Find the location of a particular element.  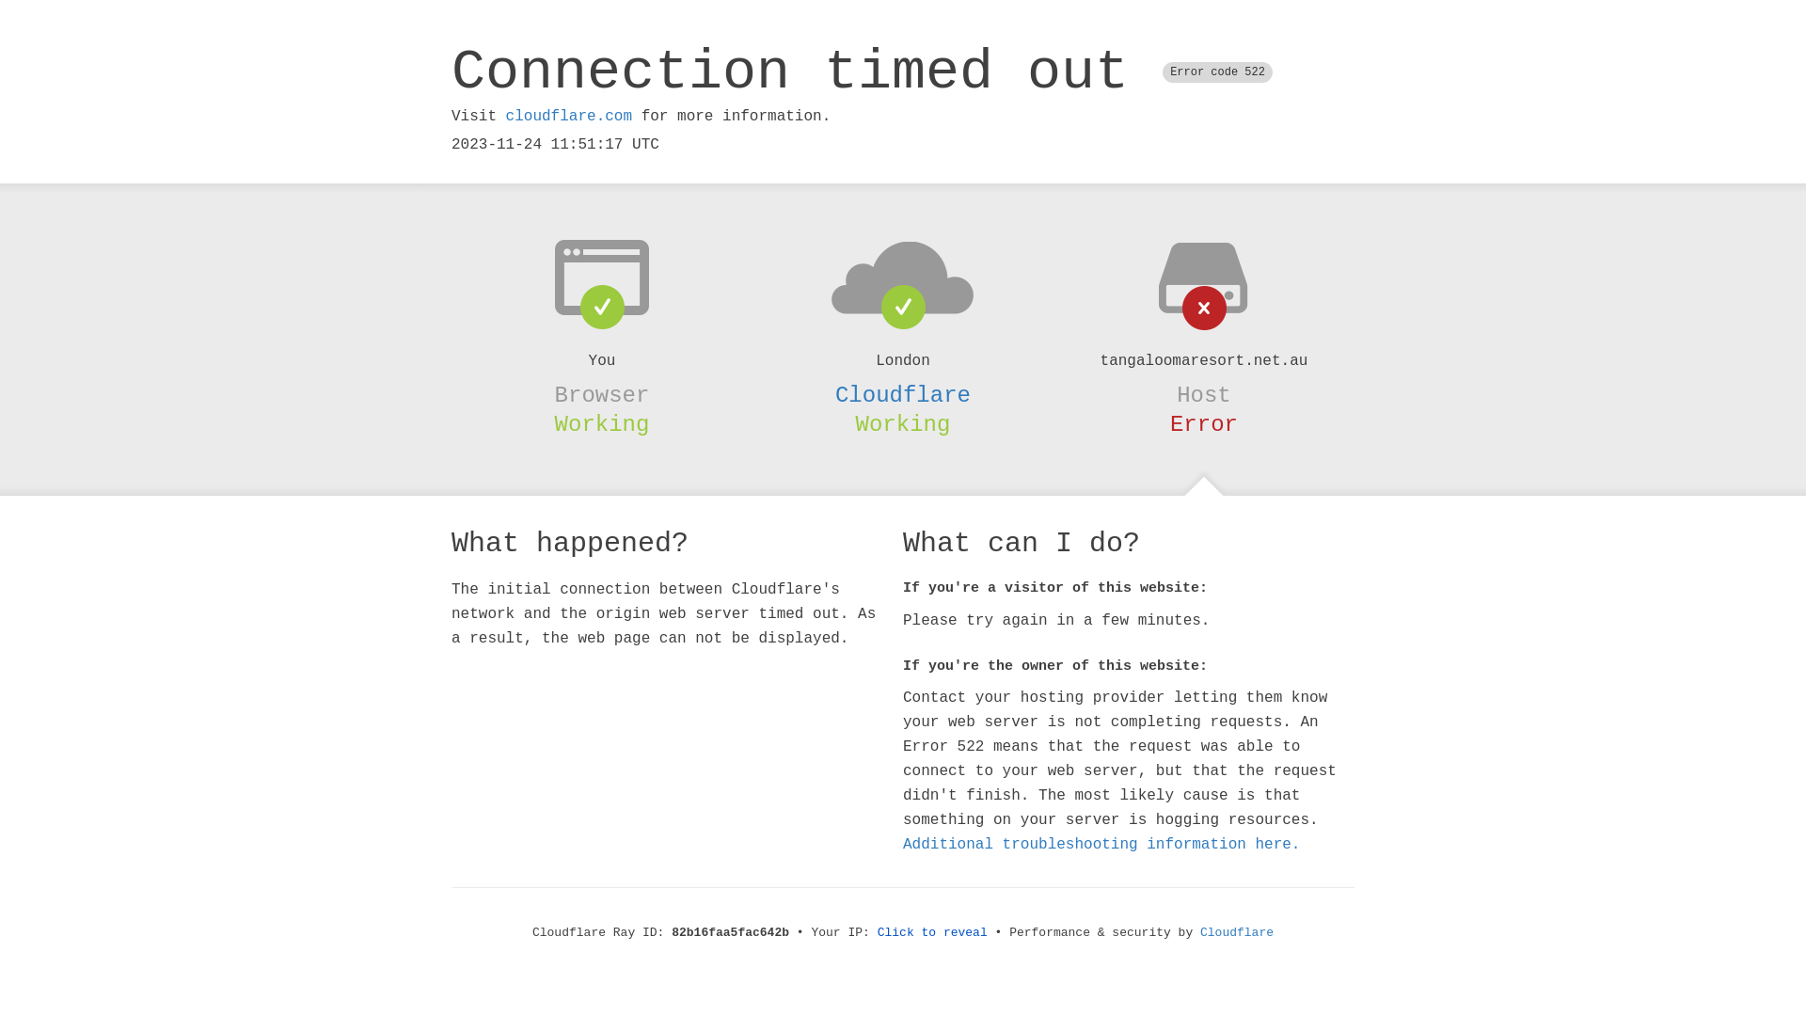

'cloudflare.com' is located at coordinates (567, 116).